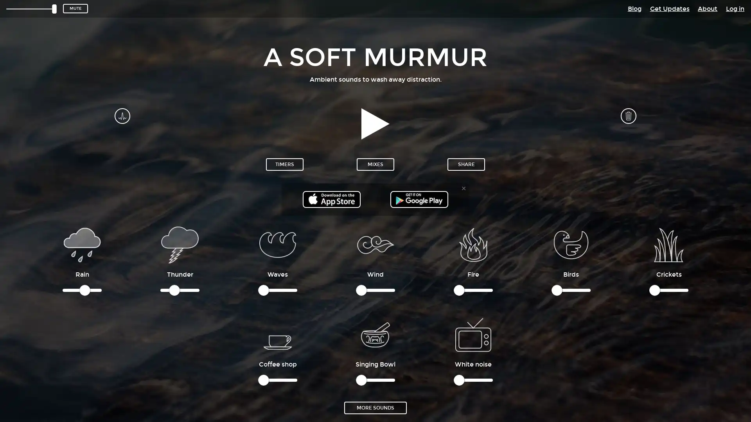 The height and width of the screenshot is (422, 751). What do you see at coordinates (571, 244) in the screenshot?
I see `Loading icon` at bounding box center [571, 244].